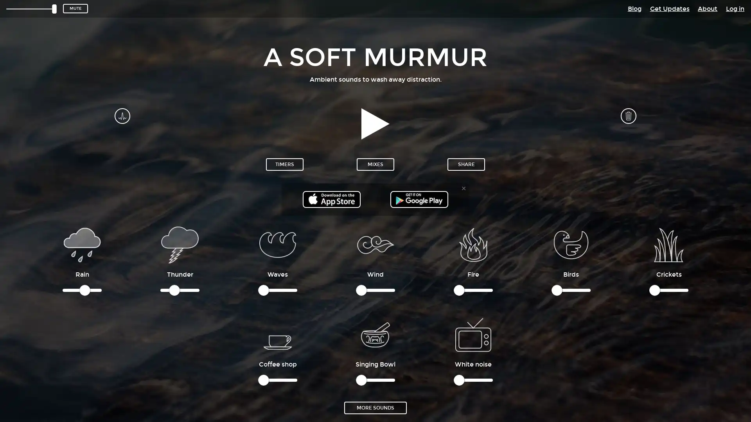 The height and width of the screenshot is (422, 751). What do you see at coordinates (571, 244) in the screenshot?
I see `Loading icon` at bounding box center [571, 244].